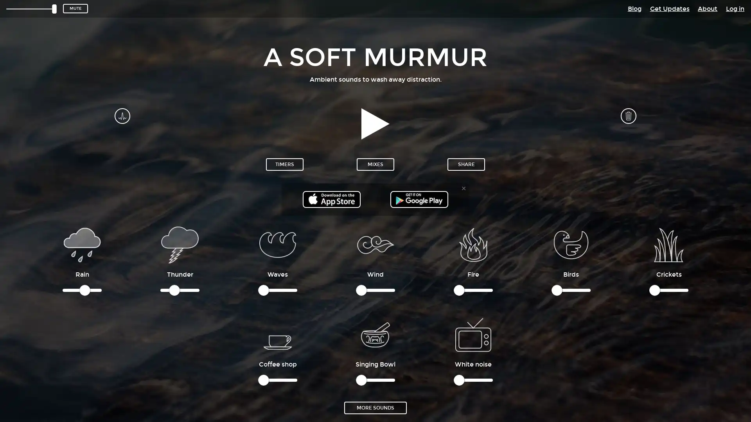 The height and width of the screenshot is (422, 751). What do you see at coordinates (571, 244) in the screenshot?
I see `Loading icon` at bounding box center [571, 244].